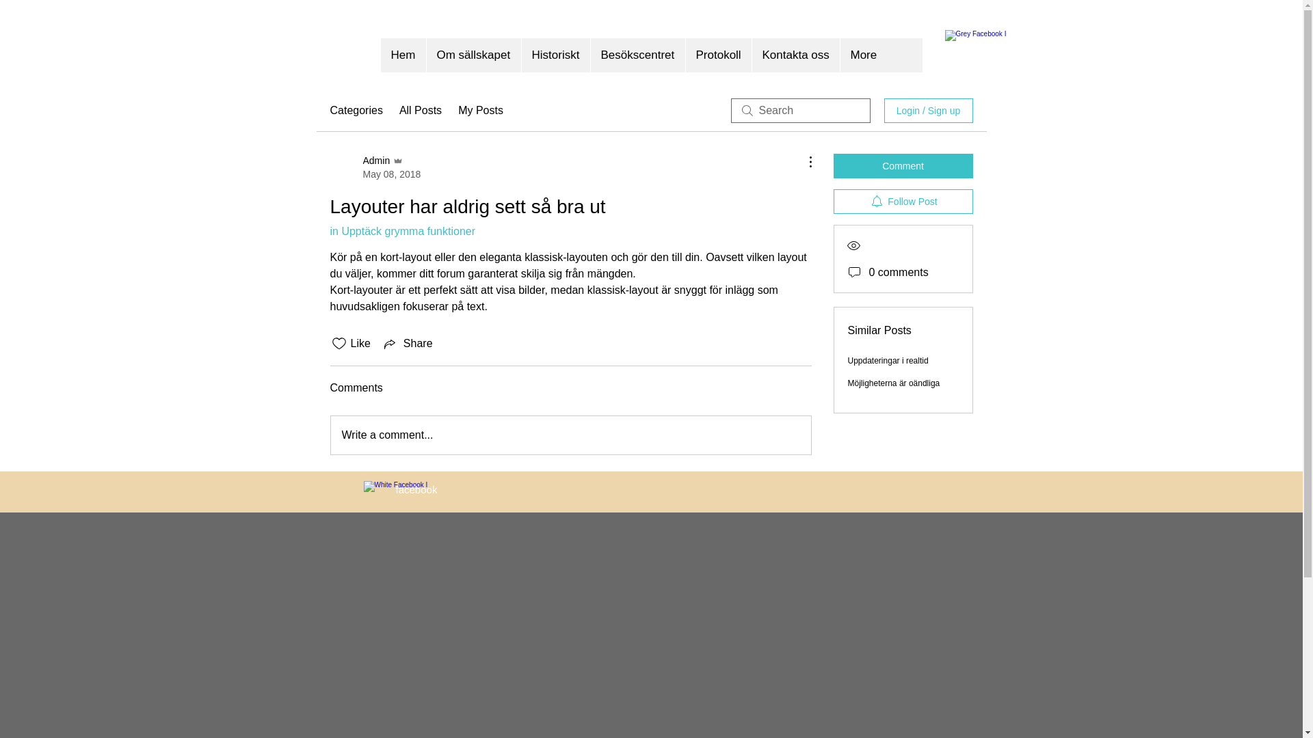 This screenshot has height=738, width=1313. What do you see at coordinates (356, 110) in the screenshot?
I see `'Categories'` at bounding box center [356, 110].